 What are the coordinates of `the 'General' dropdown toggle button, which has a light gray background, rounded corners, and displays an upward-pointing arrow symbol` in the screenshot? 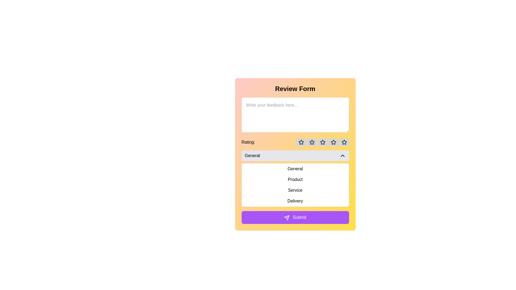 It's located at (295, 155).